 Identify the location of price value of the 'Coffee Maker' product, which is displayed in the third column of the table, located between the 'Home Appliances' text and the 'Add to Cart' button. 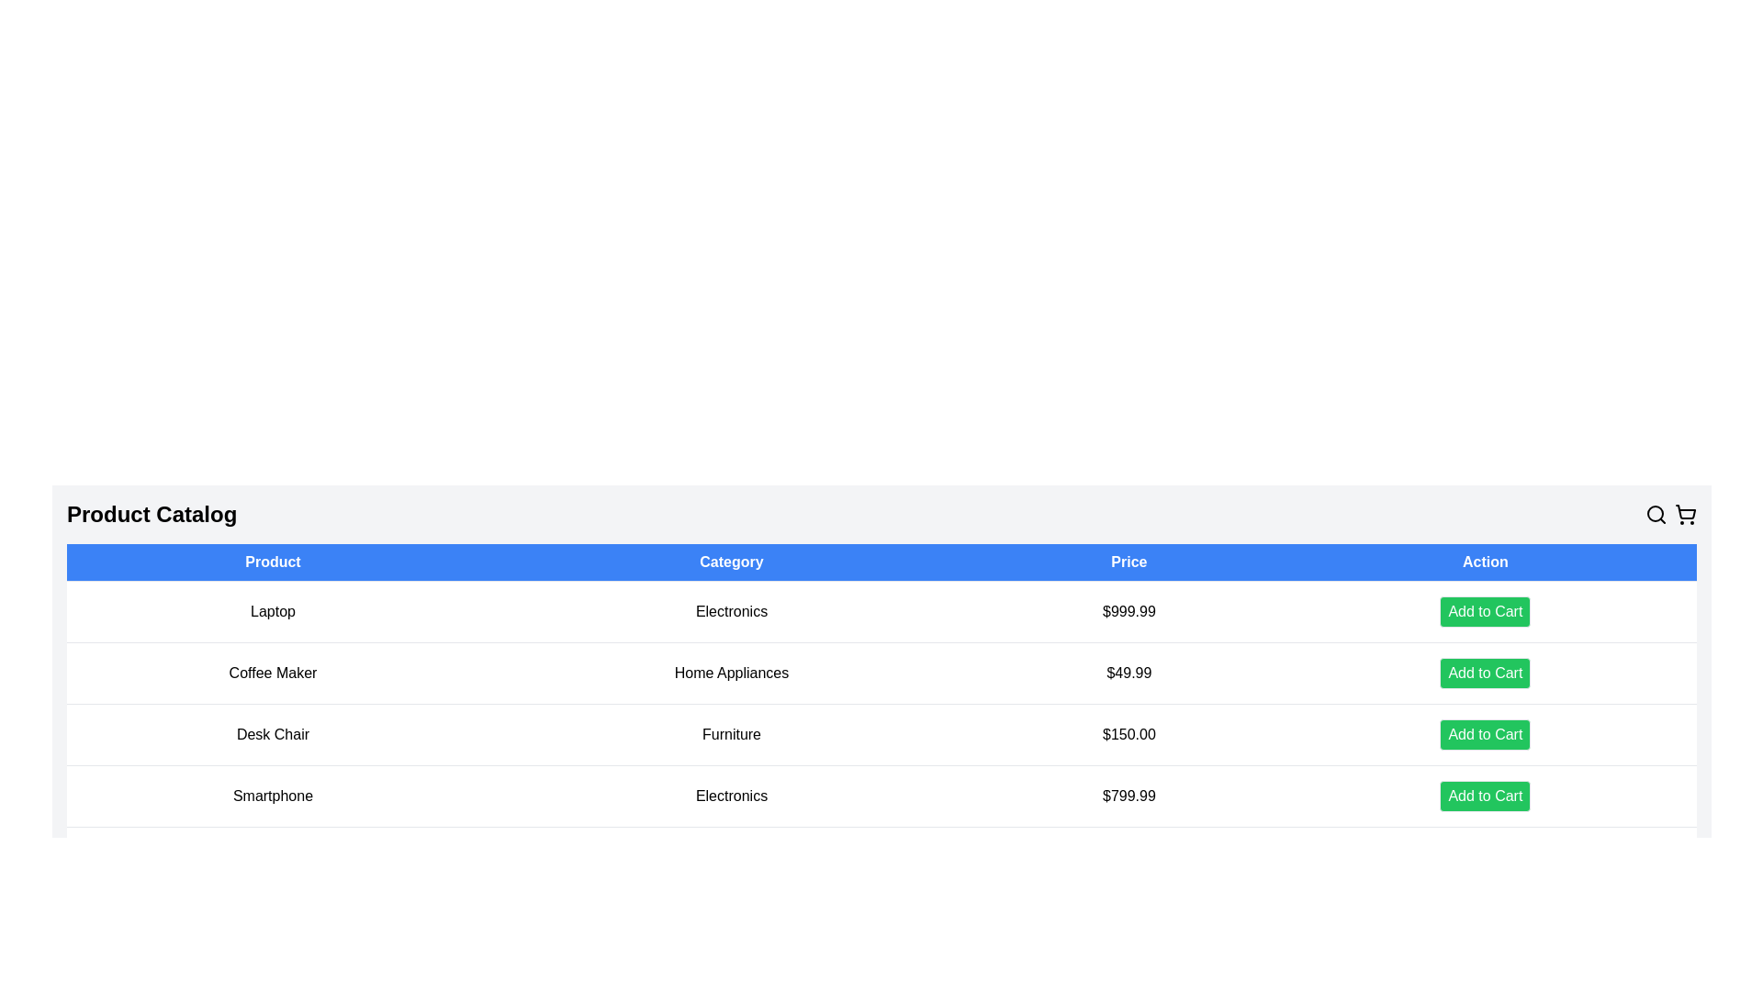
(1128, 673).